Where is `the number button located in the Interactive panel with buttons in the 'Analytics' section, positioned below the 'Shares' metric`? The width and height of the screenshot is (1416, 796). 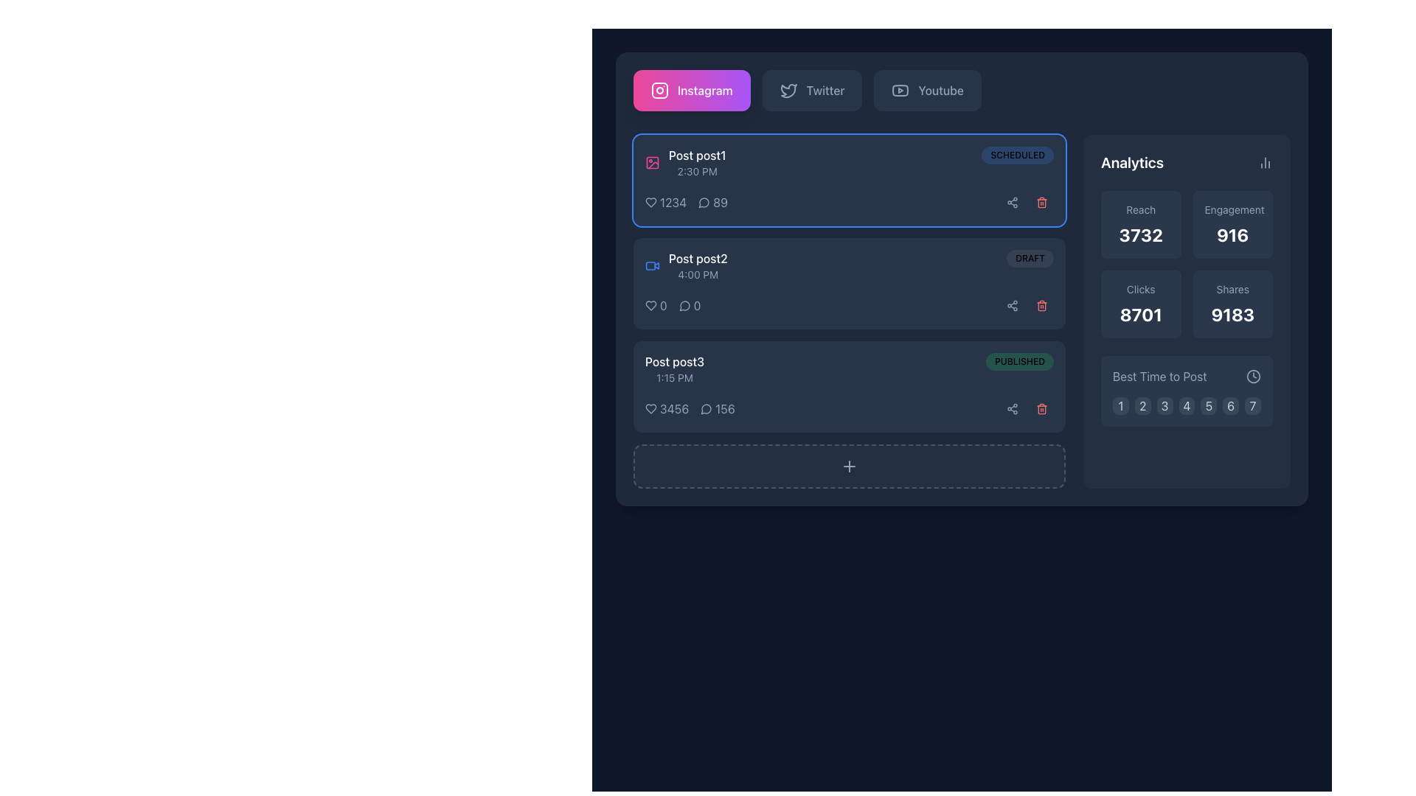
the number button located in the Interactive panel with buttons in the 'Analytics' section, positioned below the 'Shares' metric is located at coordinates (1187, 391).